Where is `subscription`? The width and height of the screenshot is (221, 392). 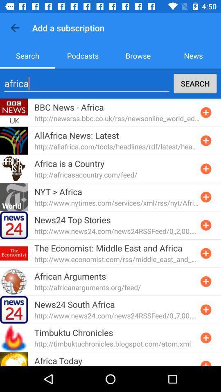
subscription is located at coordinates (205, 362).